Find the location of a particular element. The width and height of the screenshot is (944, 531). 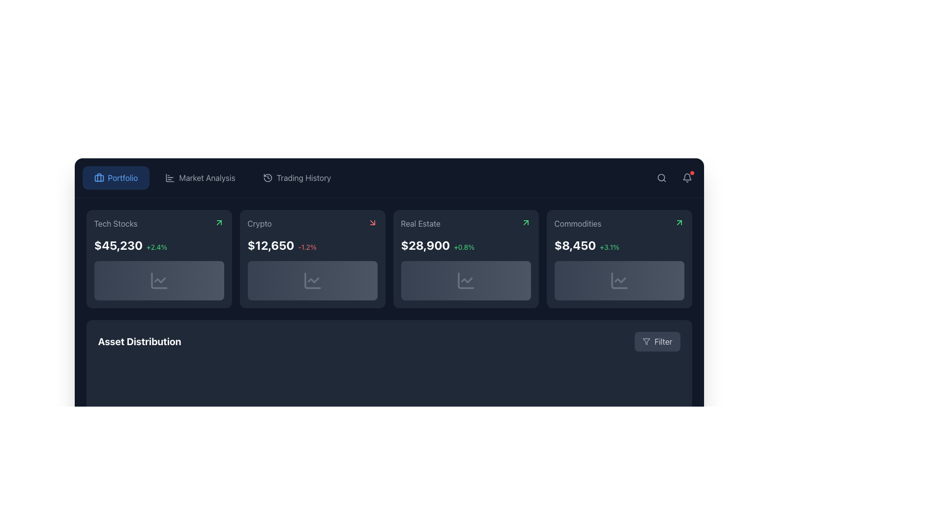

the 'Real Estate' icon is located at coordinates (465, 280).